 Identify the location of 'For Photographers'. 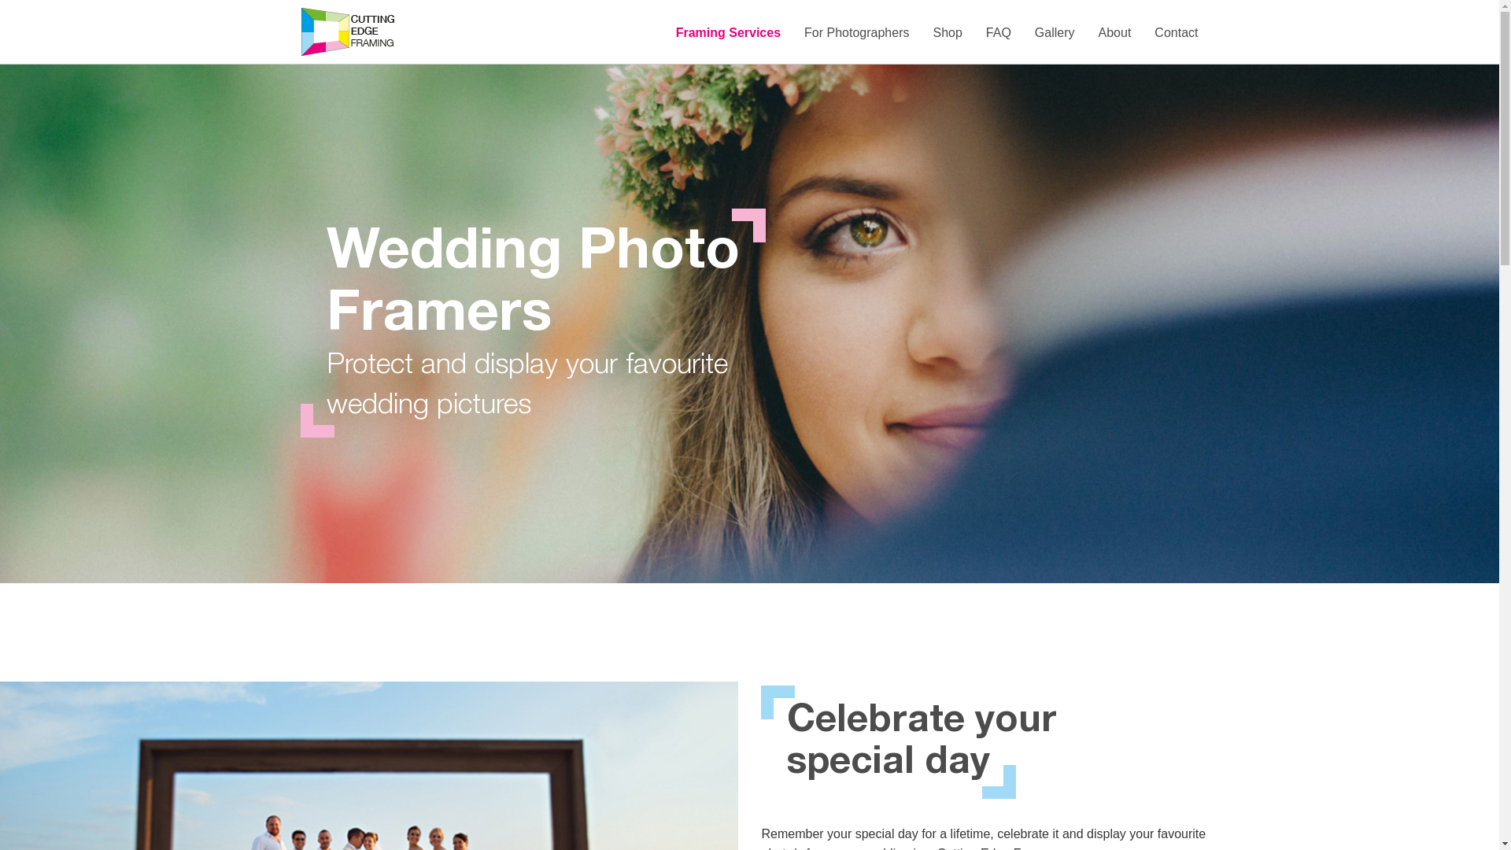
(855, 33).